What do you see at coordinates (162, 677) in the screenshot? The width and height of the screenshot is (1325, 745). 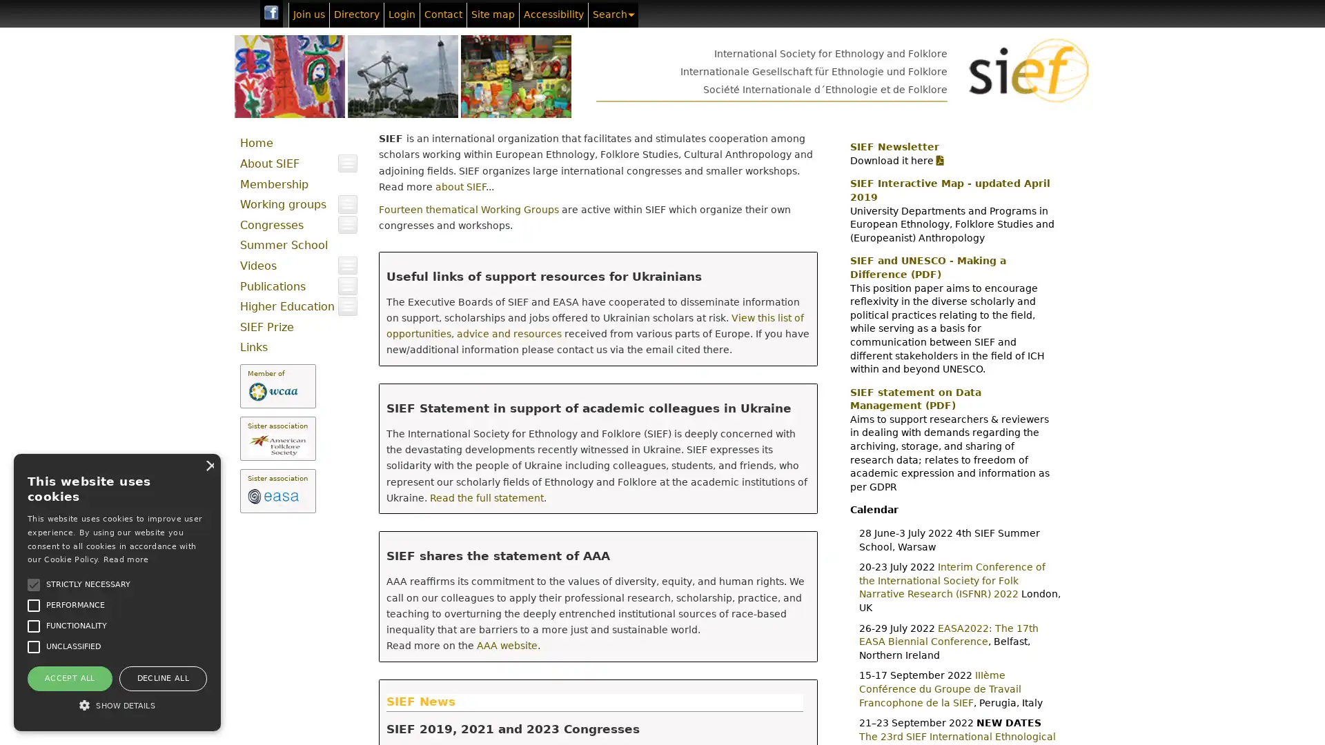 I see `DECLINE ALL` at bounding box center [162, 677].